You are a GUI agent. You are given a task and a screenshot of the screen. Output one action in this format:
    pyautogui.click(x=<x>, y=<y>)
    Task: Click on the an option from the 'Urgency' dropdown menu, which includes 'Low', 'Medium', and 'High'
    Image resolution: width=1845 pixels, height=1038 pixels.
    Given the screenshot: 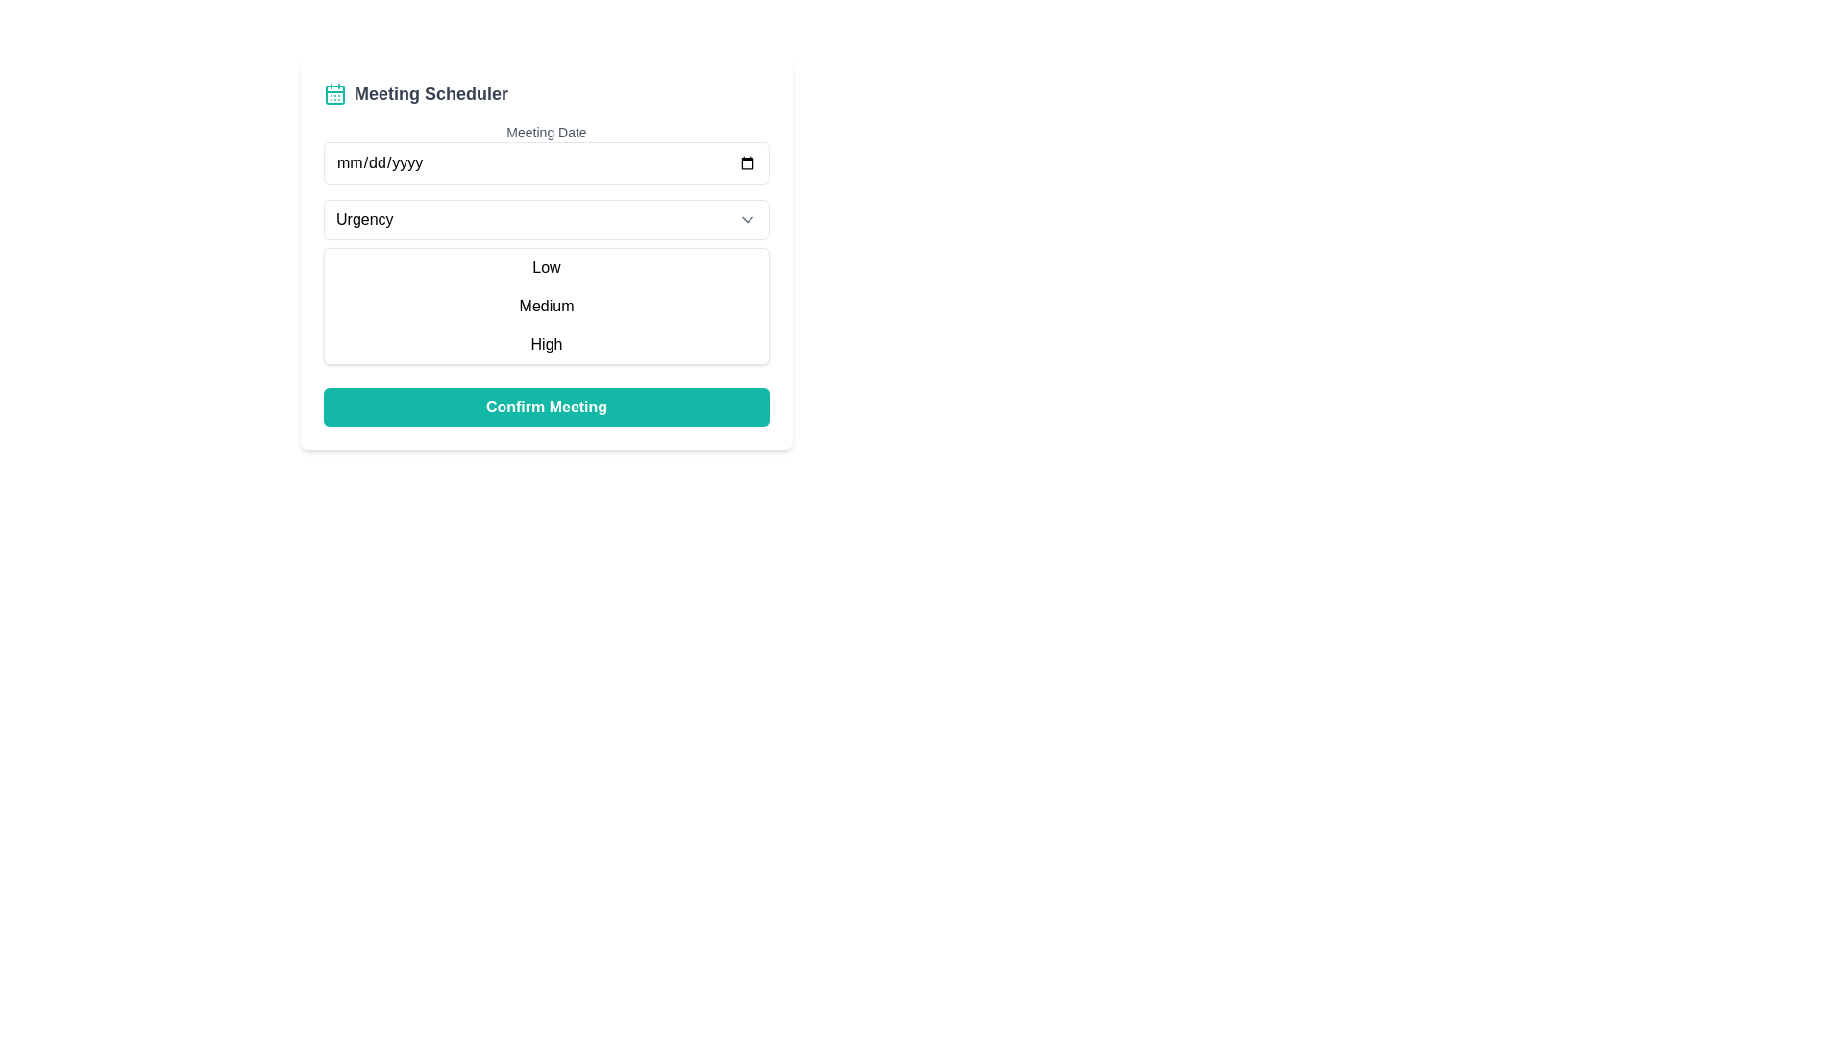 What is the action you would take?
    pyautogui.click(x=546, y=282)
    